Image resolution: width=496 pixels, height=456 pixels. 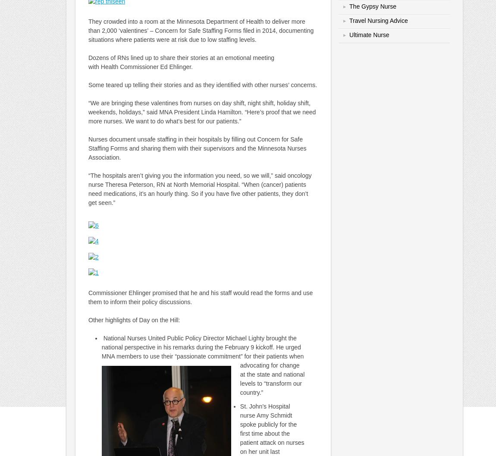 What do you see at coordinates (201, 31) in the screenshot?
I see `'They crowded into a room at the Minnesota Department of Health to deliver more than 2,000 ‘valentines’ – Concern for Safe Staffing Forms filed in 2014, documenting situations where patients were at risk due to low staffing levels.'` at bounding box center [201, 31].